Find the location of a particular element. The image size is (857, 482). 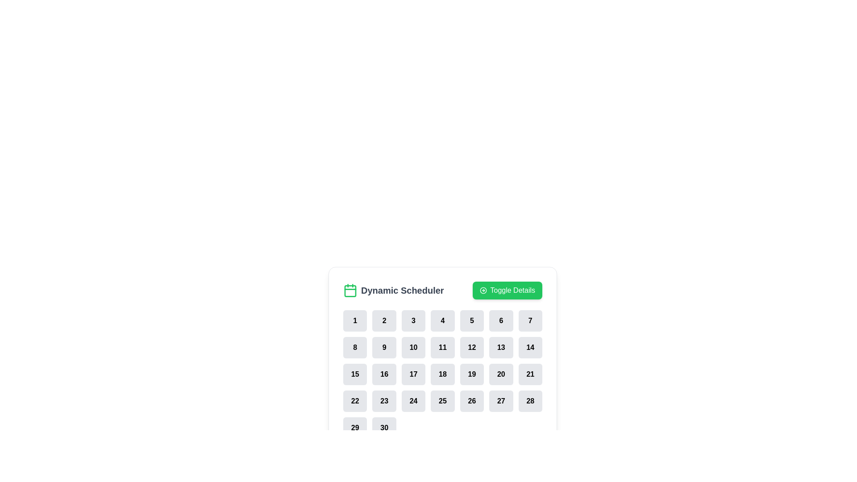

the button representing the date '21' in the calendar interface is located at coordinates (530, 374).